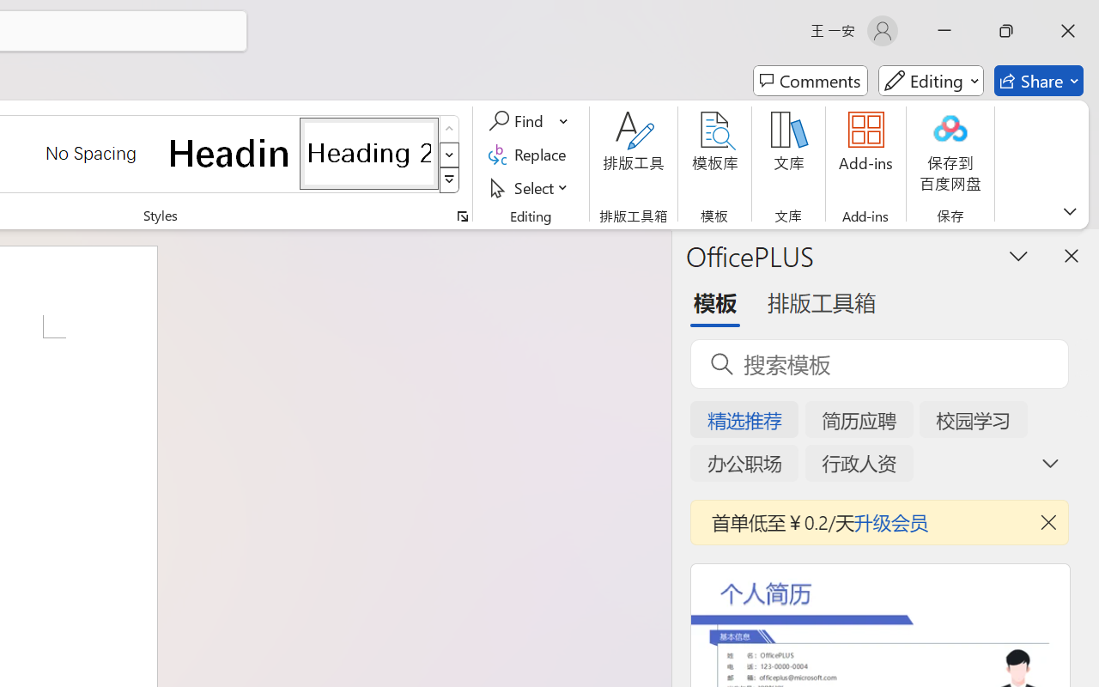 This screenshot has height=687, width=1099. What do you see at coordinates (530, 187) in the screenshot?
I see `'Select'` at bounding box center [530, 187].